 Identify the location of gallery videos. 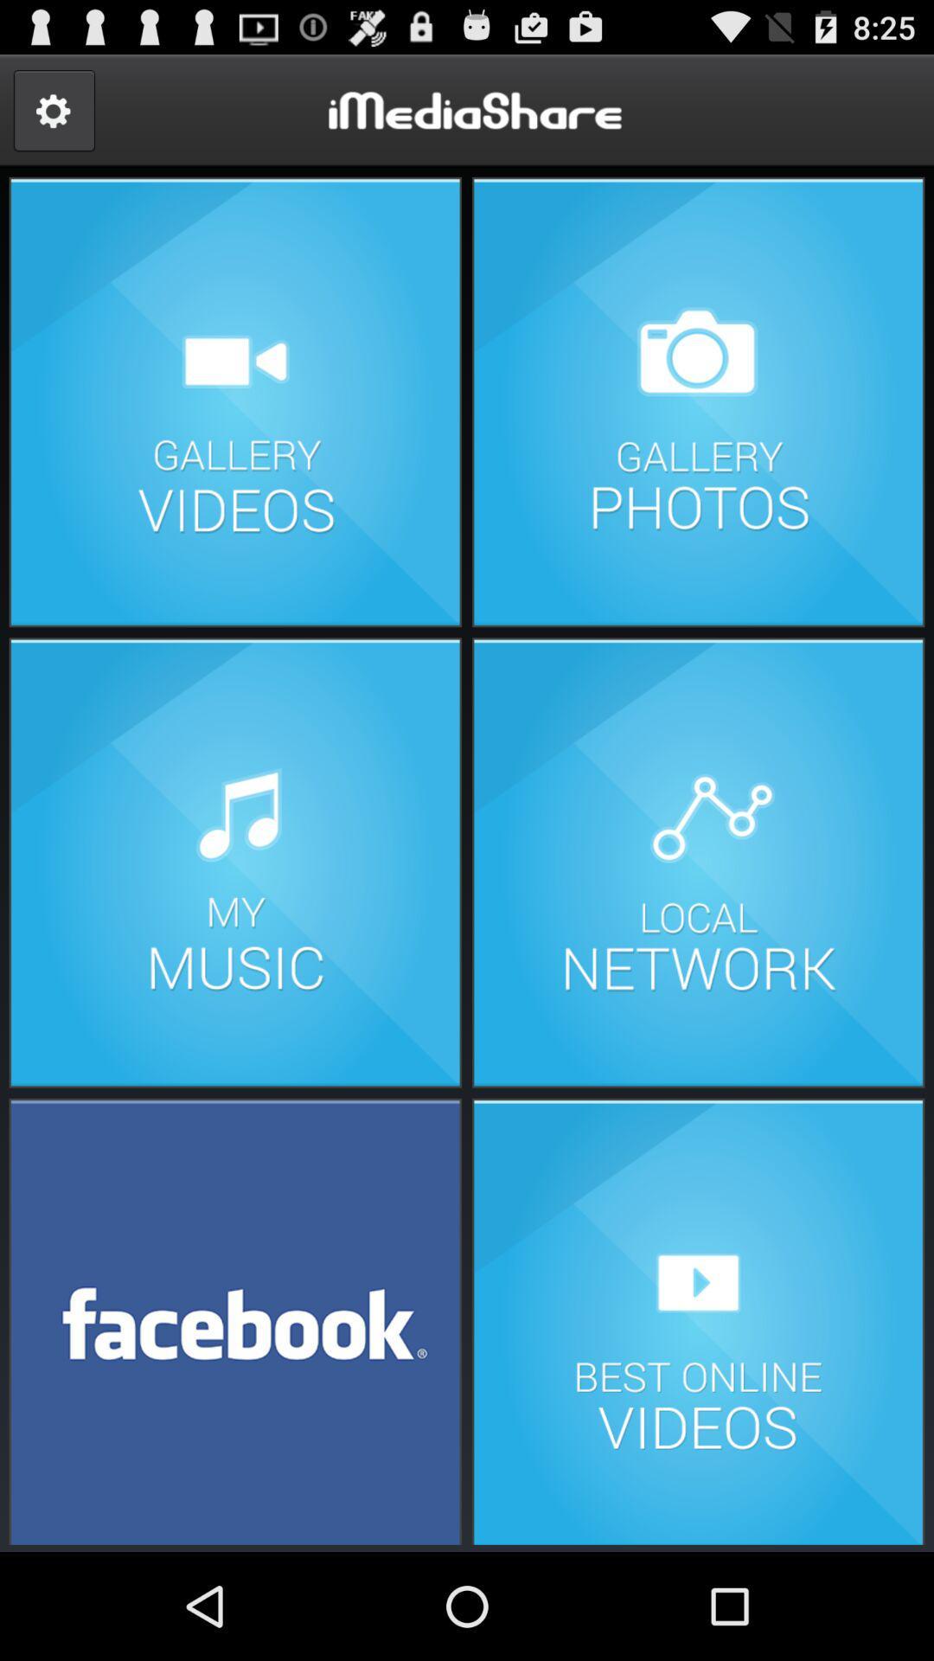
(235, 401).